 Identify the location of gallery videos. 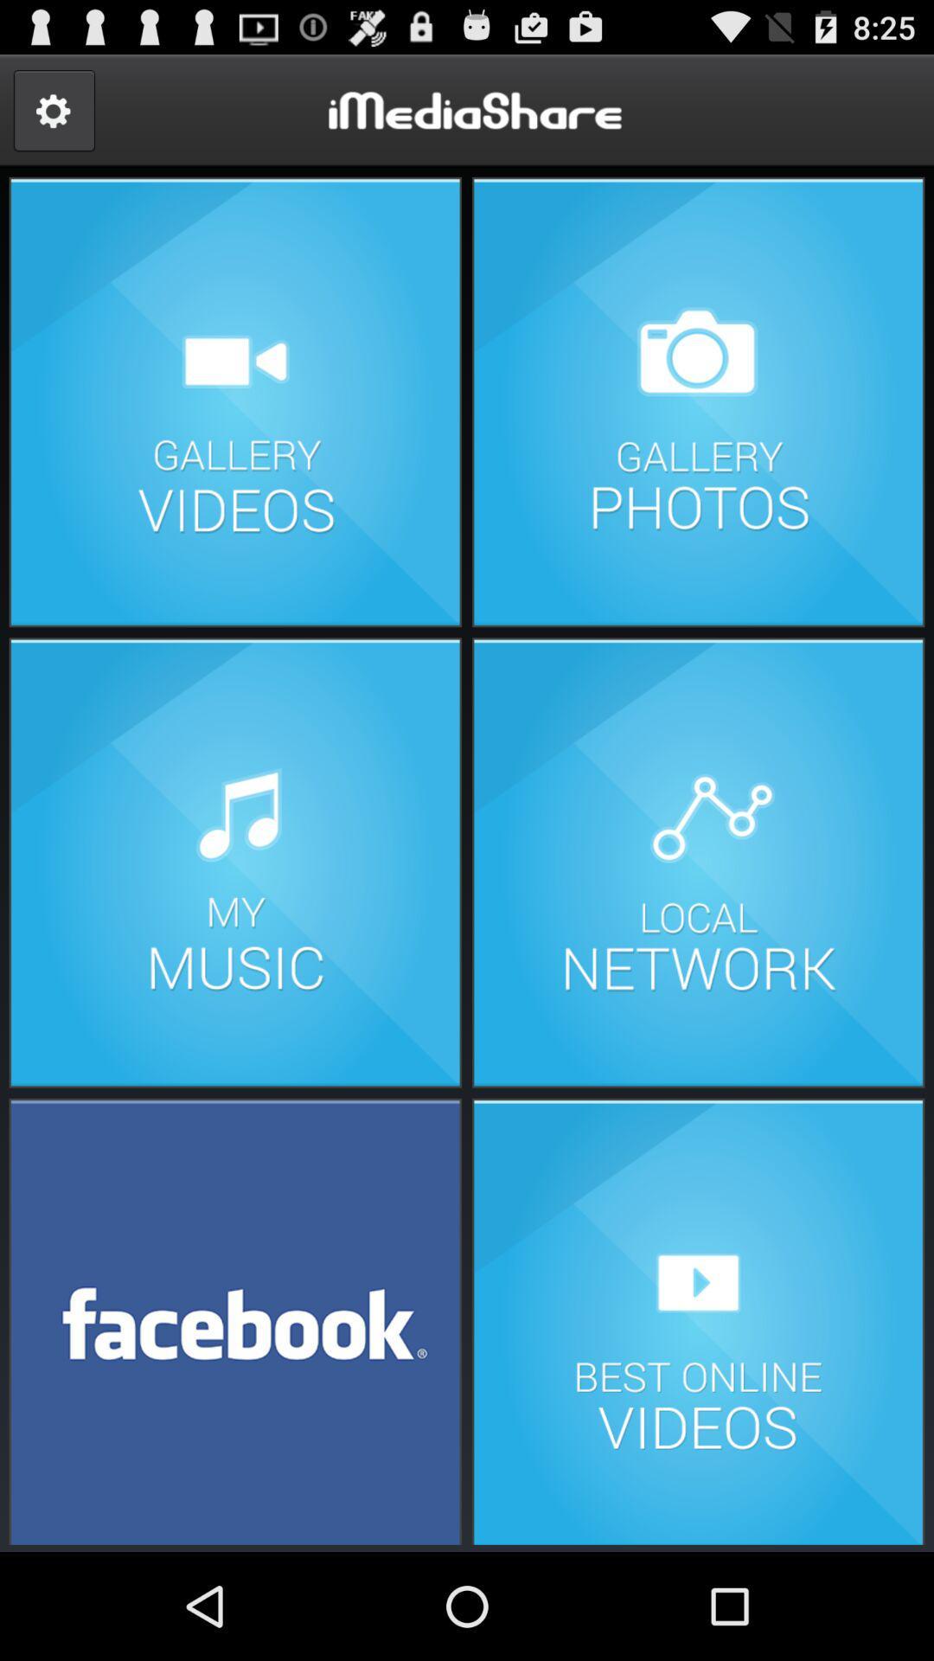
(235, 401).